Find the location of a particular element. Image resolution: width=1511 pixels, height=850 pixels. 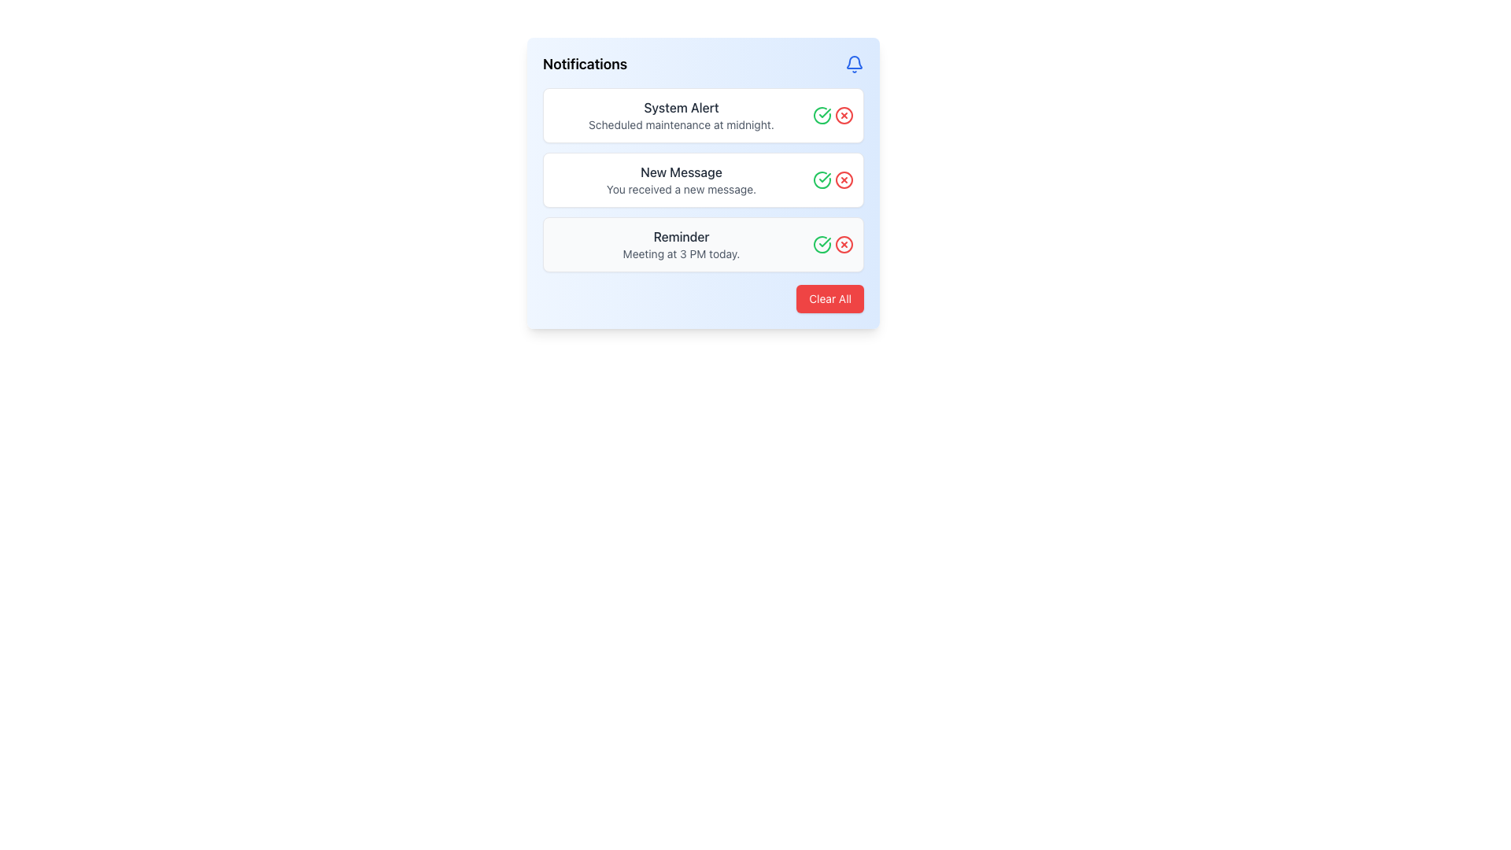

text label containing 'Meeting at 3 PM today.' located in the Notifications section, specifically within the Reminder card is located at coordinates (681, 253).